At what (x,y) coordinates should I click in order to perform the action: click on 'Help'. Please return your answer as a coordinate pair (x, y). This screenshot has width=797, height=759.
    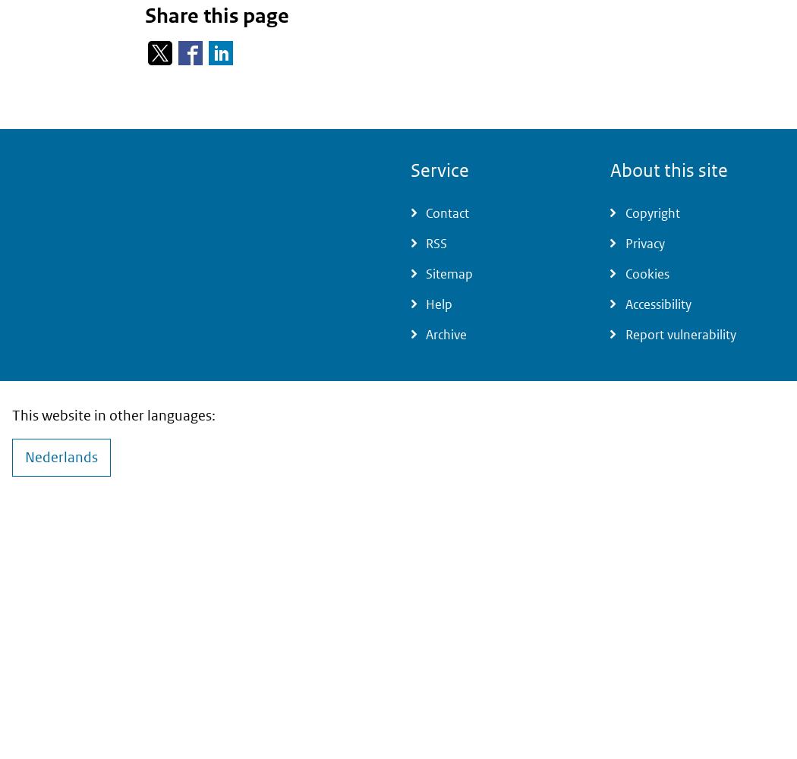
    Looking at the image, I should click on (426, 304).